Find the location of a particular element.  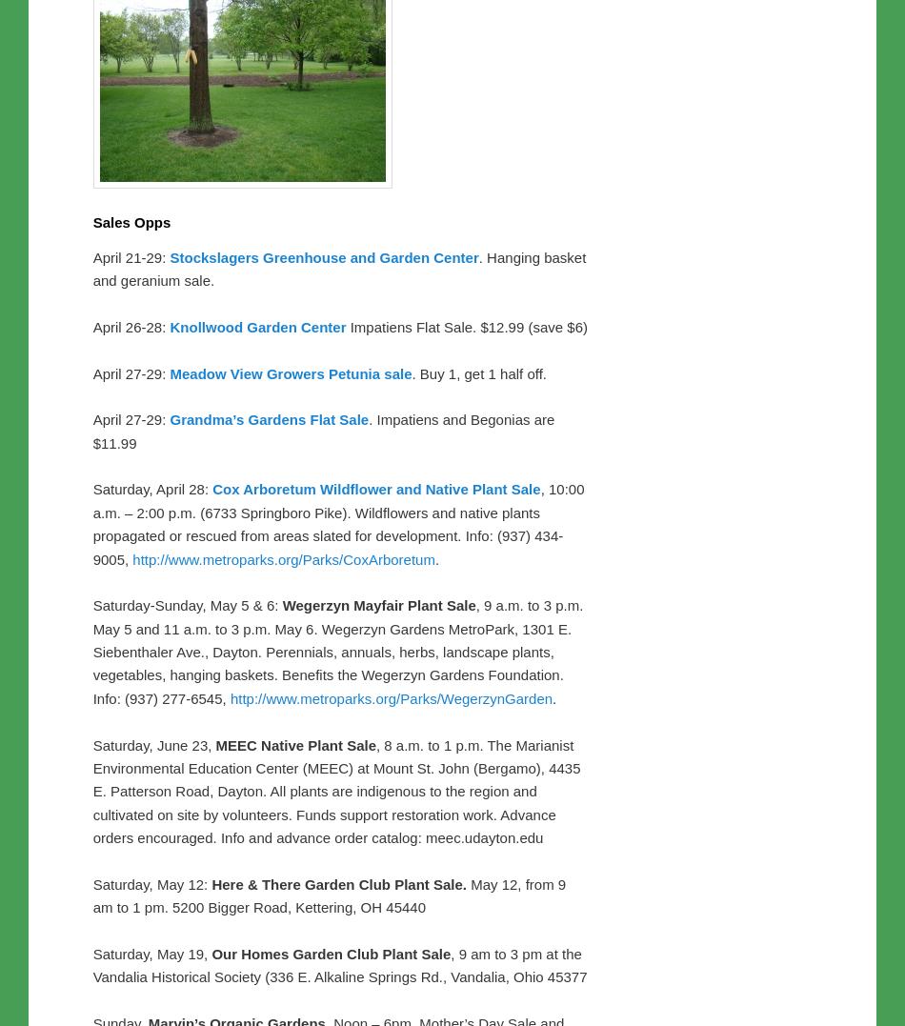

'MEEC Native Plant Sale' is located at coordinates (215, 743).